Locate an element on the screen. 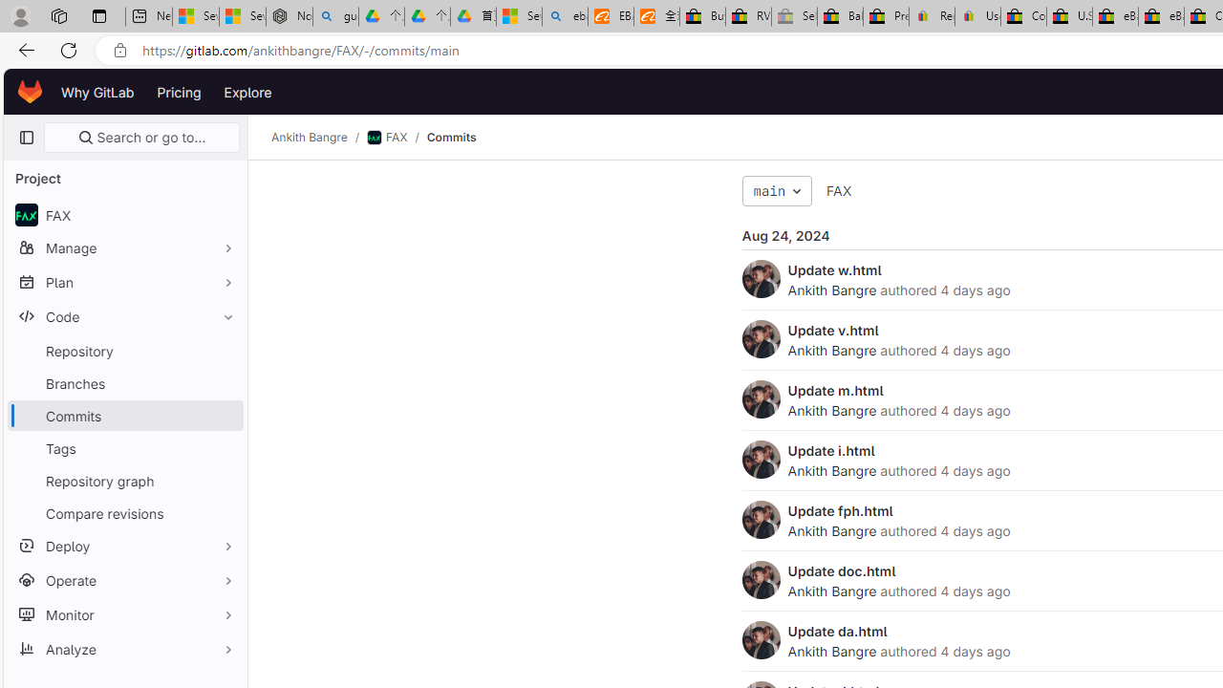 The image size is (1223, 688). 'Consumer Health Data Privacy Policy - eBay Inc.' is located at coordinates (1022, 16).